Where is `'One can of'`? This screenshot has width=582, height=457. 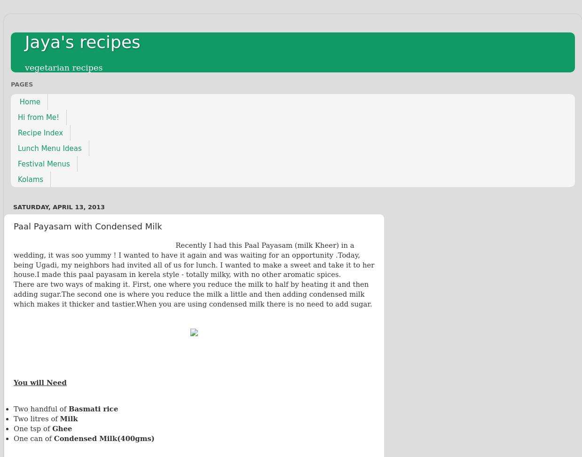 'One can of' is located at coordinates (13, 437).